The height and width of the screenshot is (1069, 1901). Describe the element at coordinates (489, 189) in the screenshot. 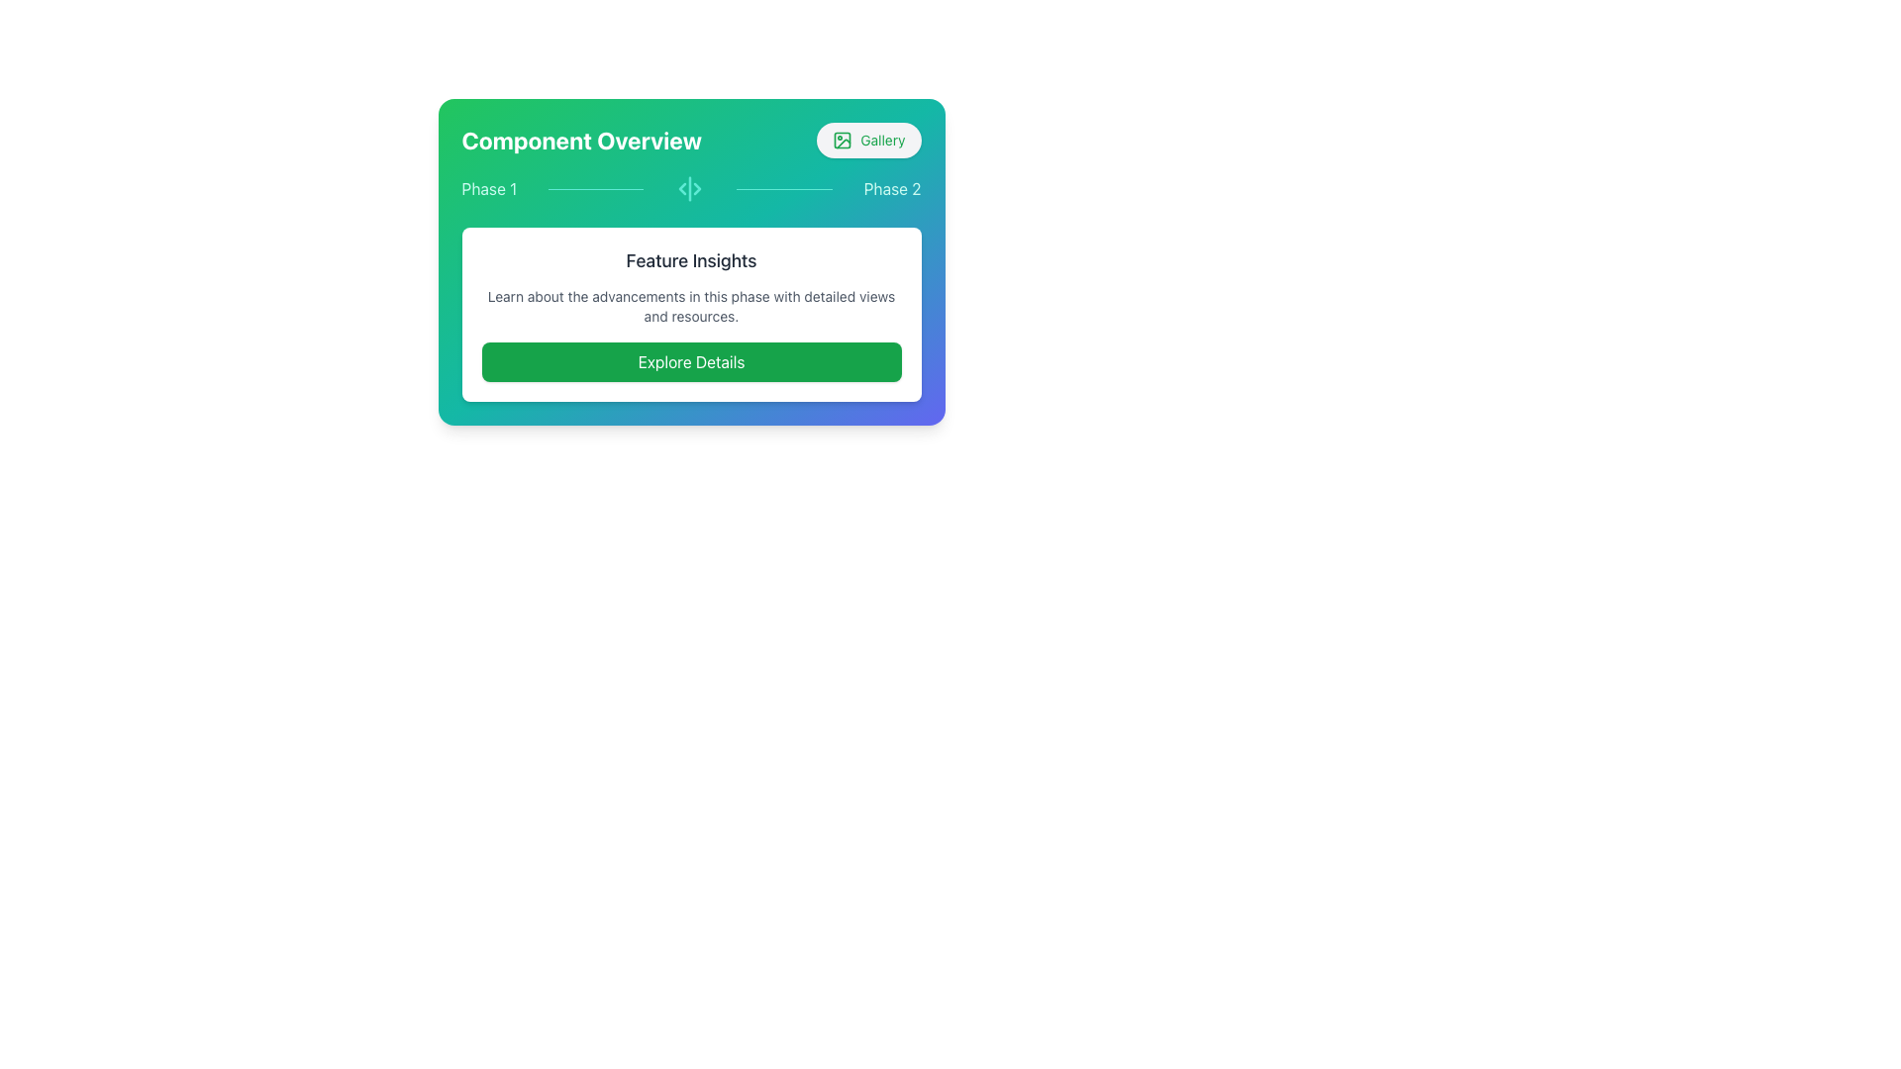

I see `the first text label that serves as a step indicator within the process selection interface` at that location.